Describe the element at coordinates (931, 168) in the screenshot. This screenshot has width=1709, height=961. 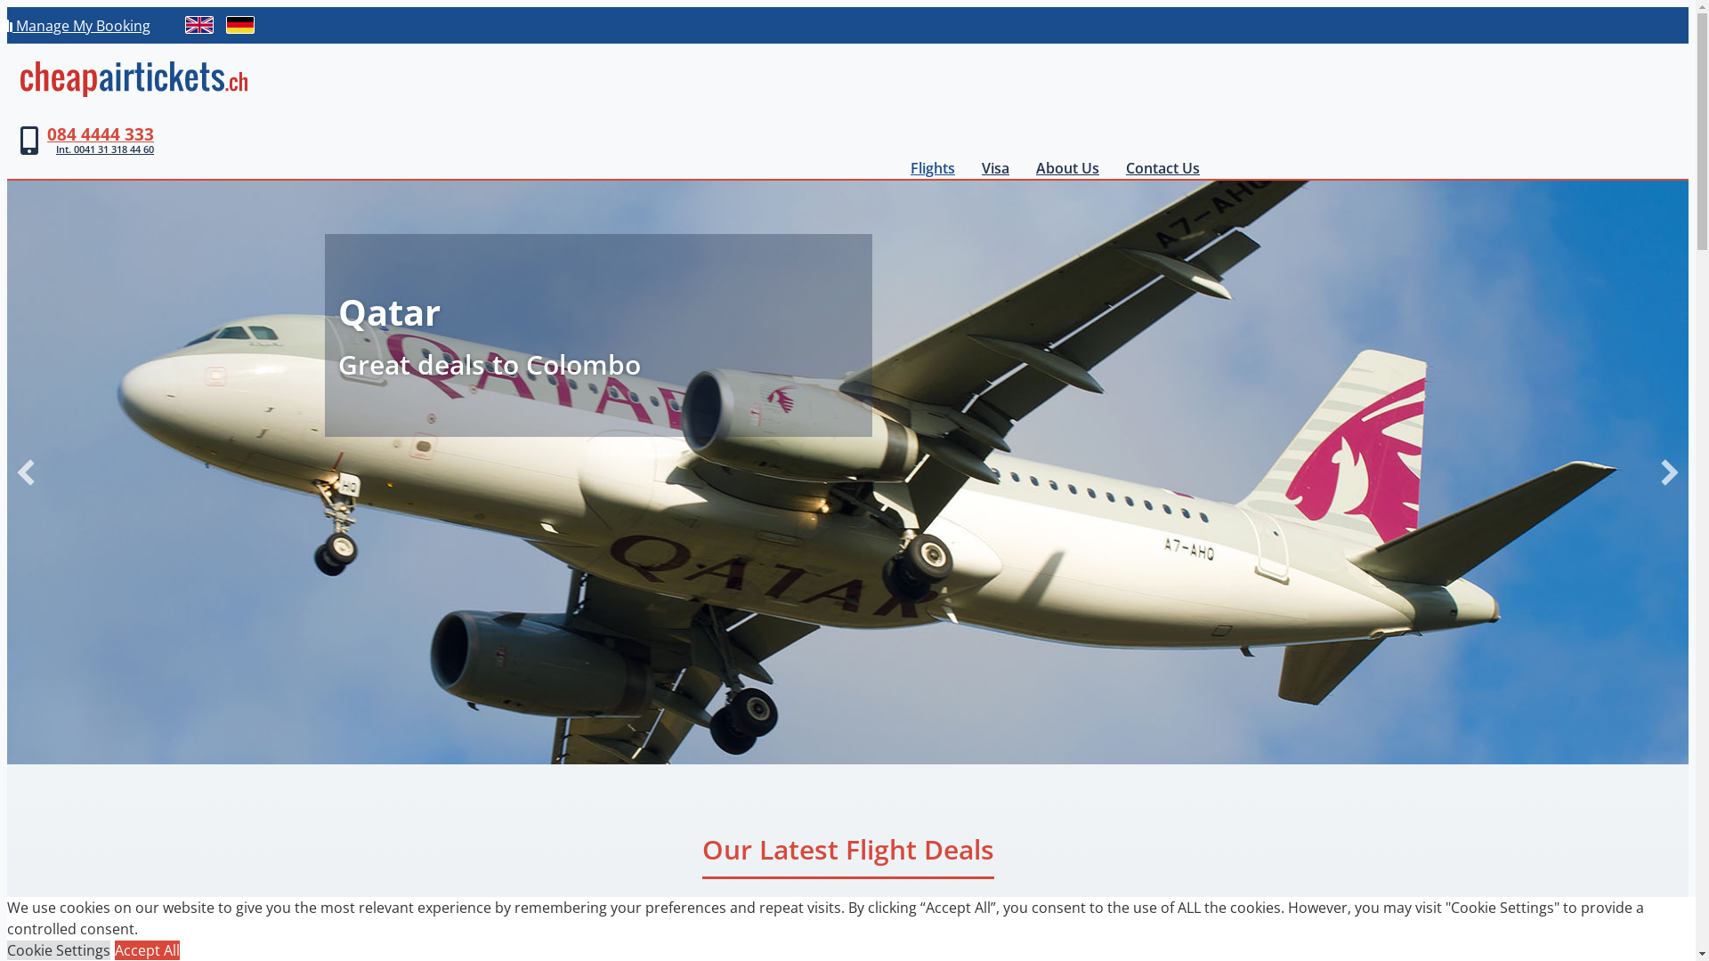
I see `'Flights'` at that location.